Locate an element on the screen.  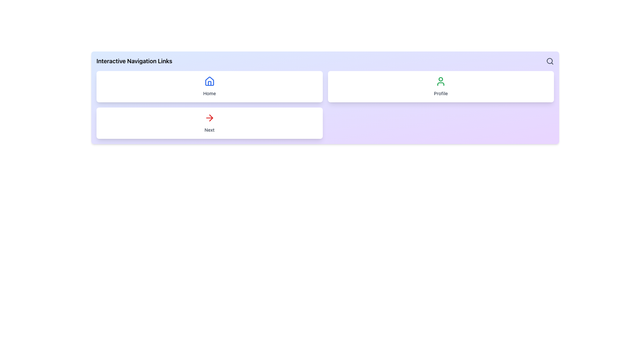
the 'Home' icon located in the top left section of the interface, which serves as a visual identifier for the home function is located at coordinates (209, 81).